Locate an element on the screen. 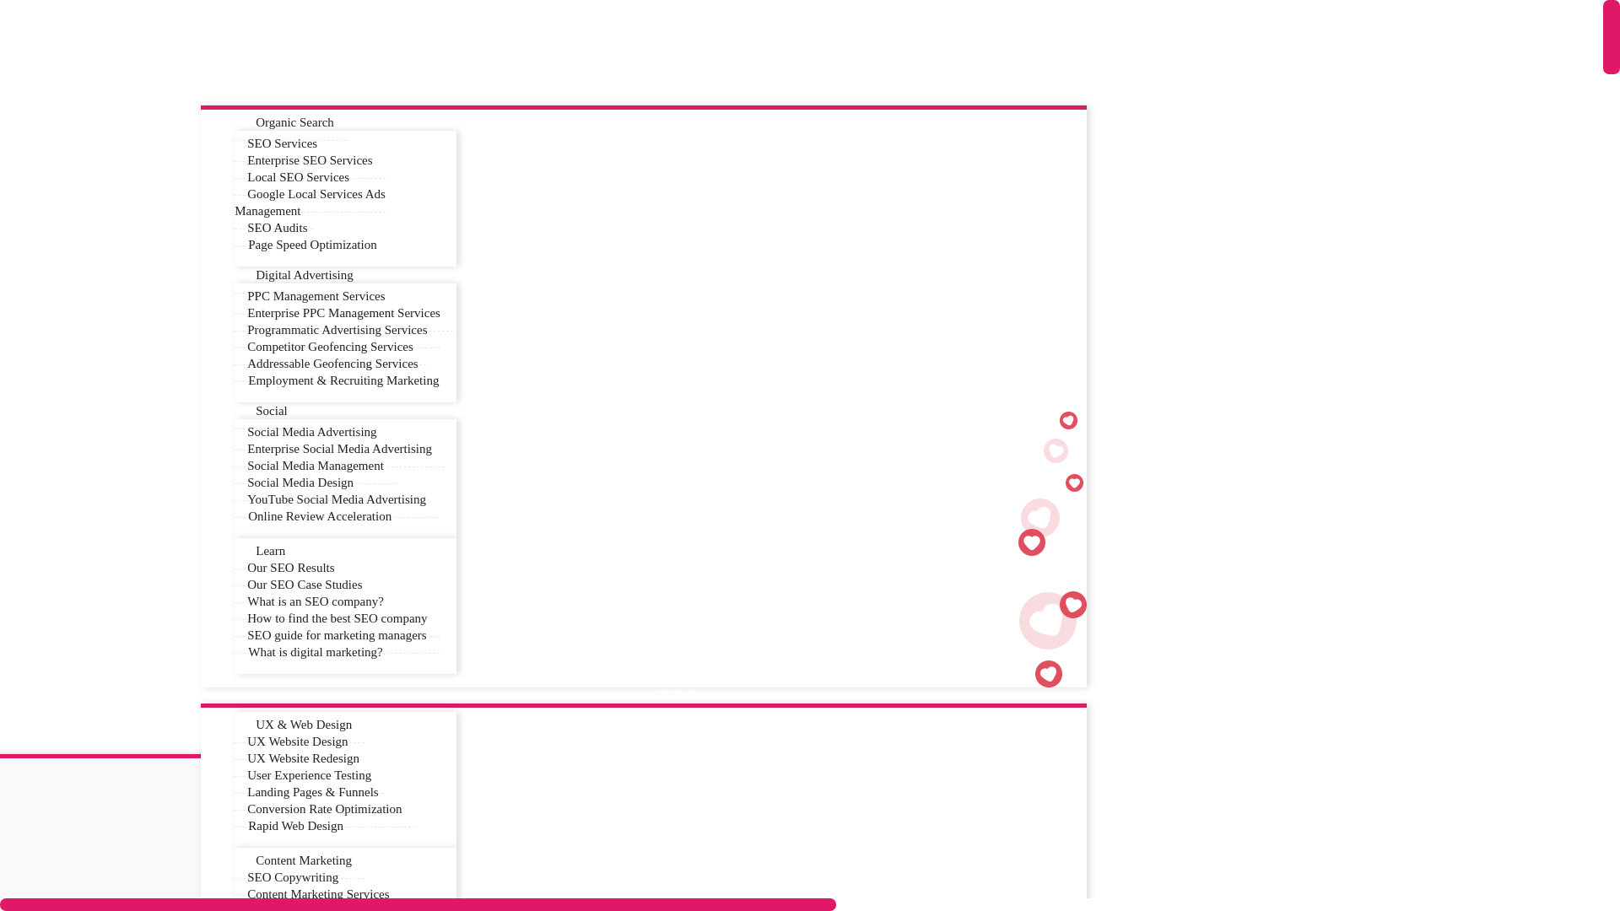 Image resolution: width=1620 pixels, height=911 pixels. 'SEO guide for marketing managers' is located at coordinates (336, 635).